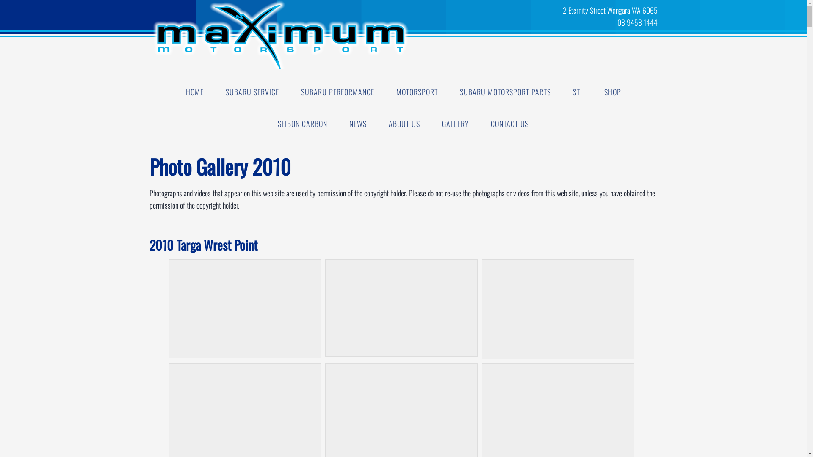 Image resolution: width=813 pixels, height=457 pixels. Describe the element at coordinates (449, 92) in the screenshot. I see `'SUBARU MOTORSPORT PARTS'` at that location.